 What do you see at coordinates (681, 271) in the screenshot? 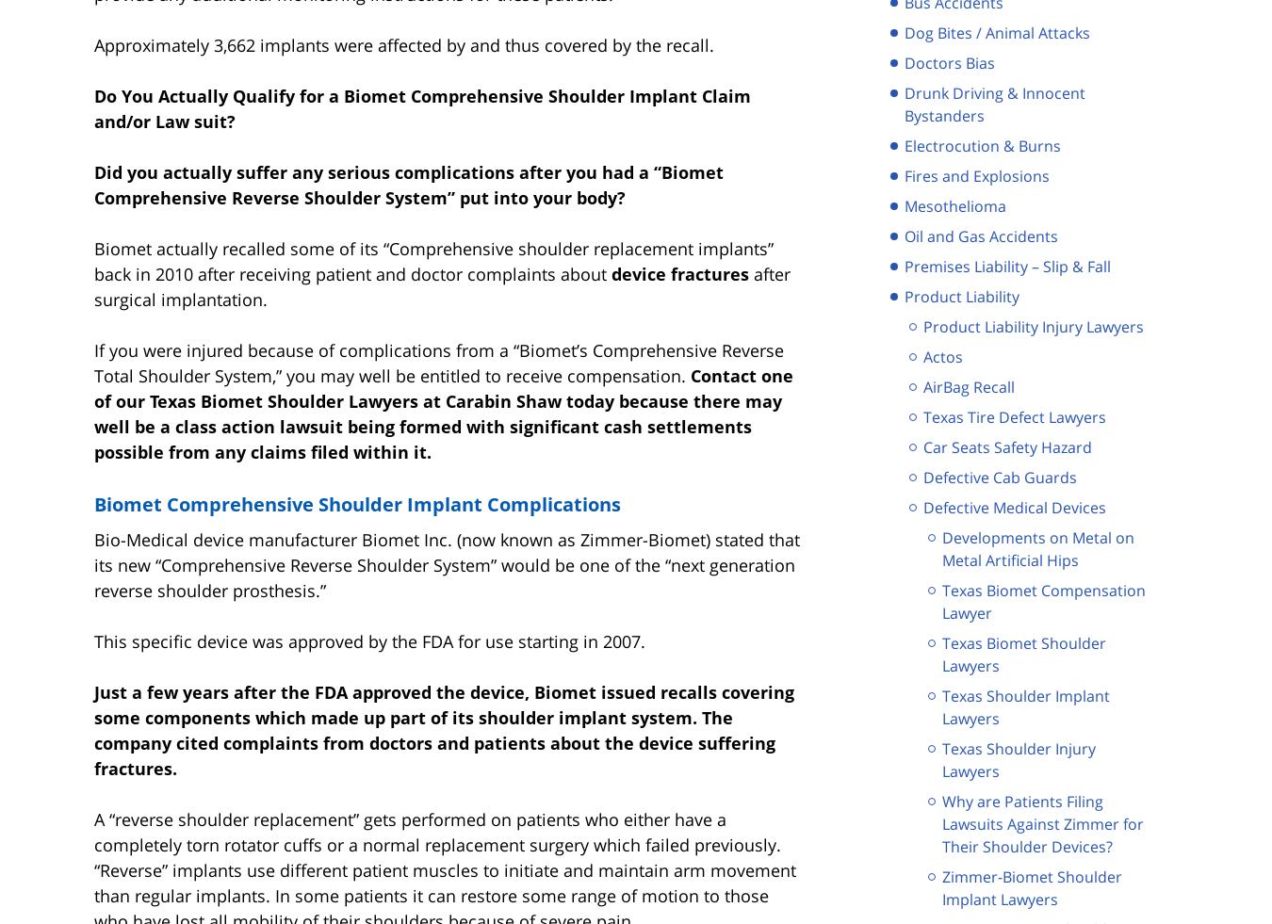
I see `'device fractures'` at bounding box center [681, 271].